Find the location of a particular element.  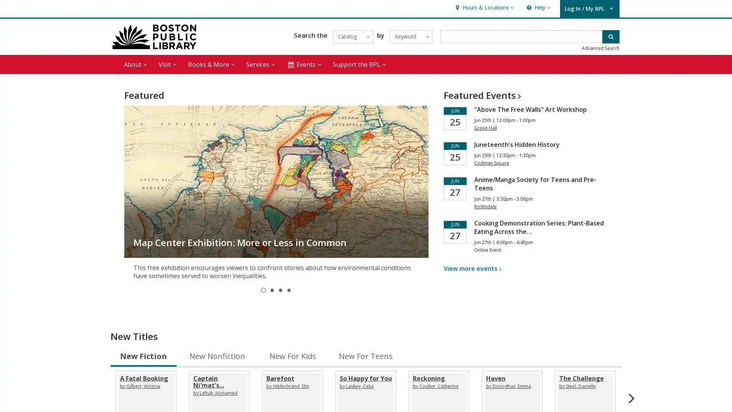

View item 3 is located at coordinates (280, 290).